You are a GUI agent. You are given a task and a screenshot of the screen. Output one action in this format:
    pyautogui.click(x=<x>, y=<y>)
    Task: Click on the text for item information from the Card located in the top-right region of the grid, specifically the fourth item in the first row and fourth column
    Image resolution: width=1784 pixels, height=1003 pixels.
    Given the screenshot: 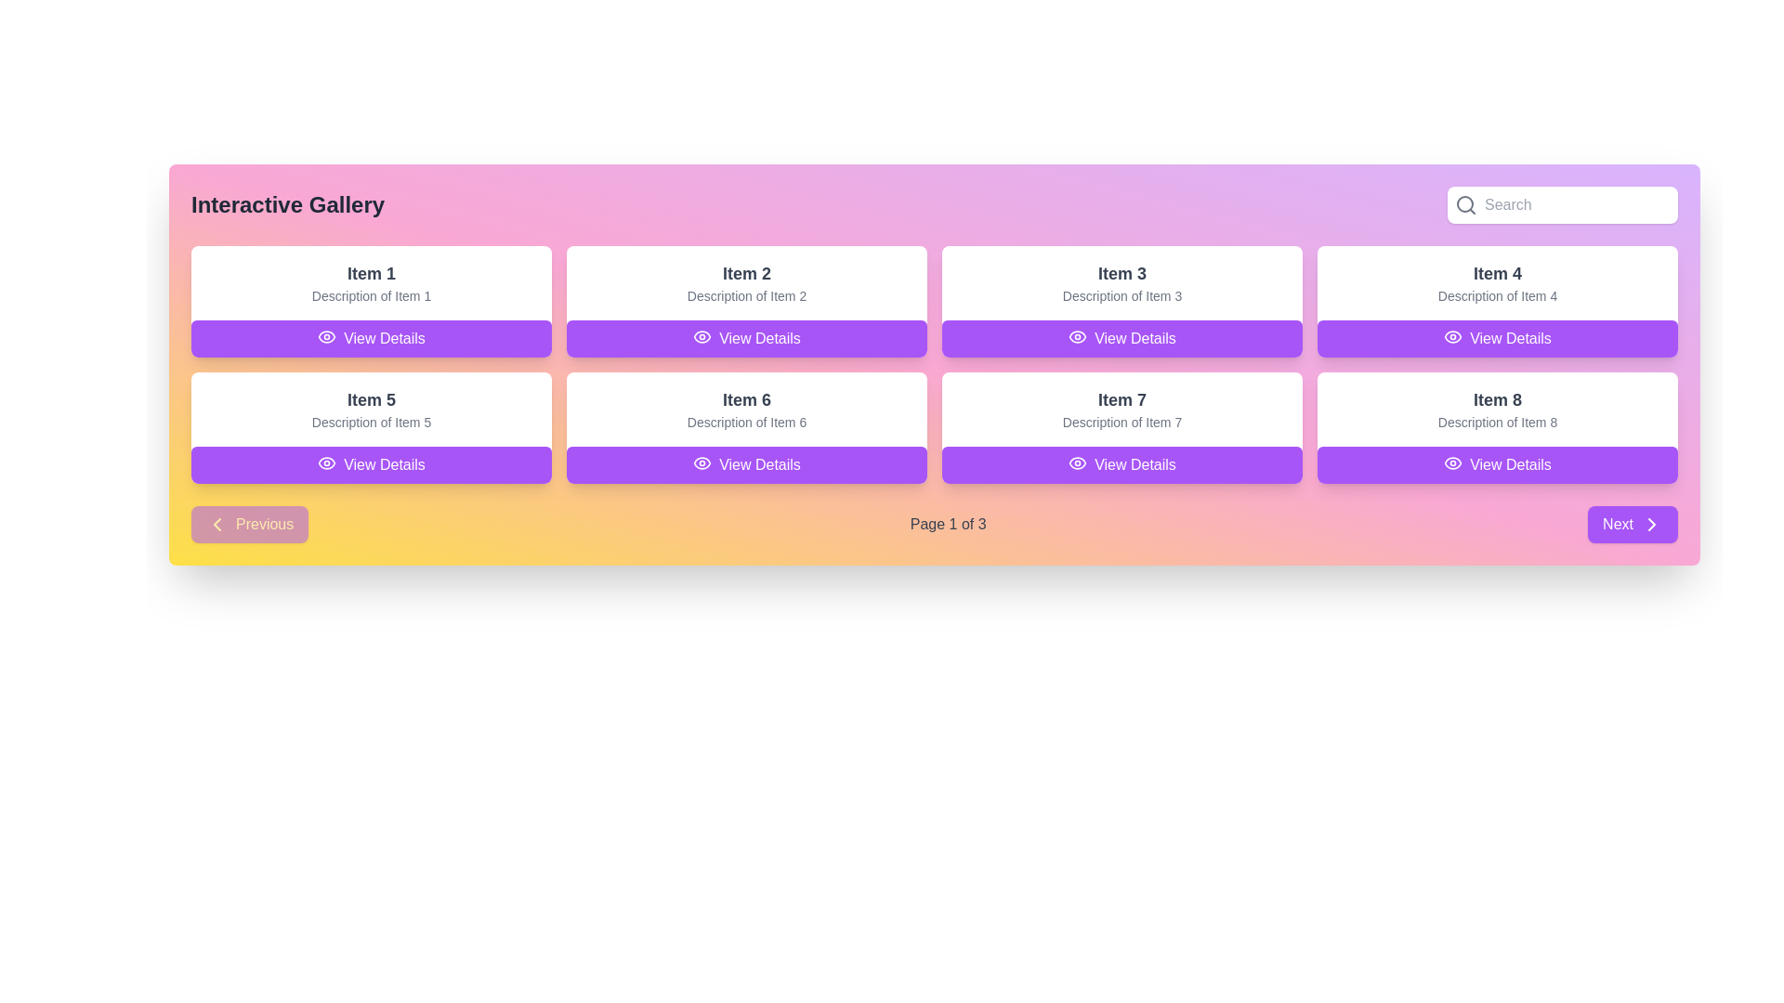 What is the action you would take?
    pyautogui.click(x=1498, y=300)
    